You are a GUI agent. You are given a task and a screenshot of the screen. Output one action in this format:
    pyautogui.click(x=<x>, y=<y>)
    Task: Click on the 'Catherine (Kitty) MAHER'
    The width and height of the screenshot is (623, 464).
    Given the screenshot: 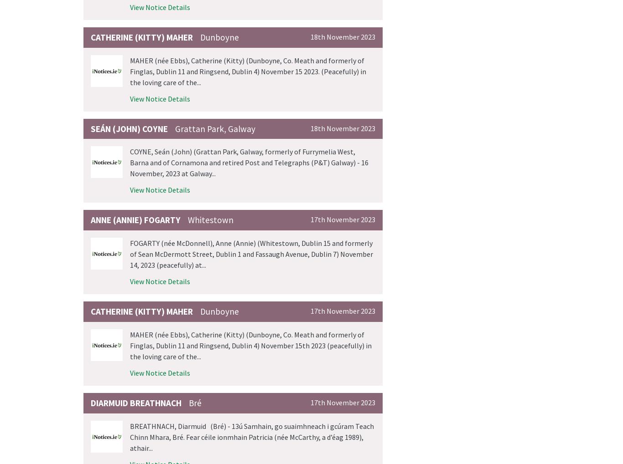 What is the action you would take?
    pyautogui.click(x=142, y=37)
    